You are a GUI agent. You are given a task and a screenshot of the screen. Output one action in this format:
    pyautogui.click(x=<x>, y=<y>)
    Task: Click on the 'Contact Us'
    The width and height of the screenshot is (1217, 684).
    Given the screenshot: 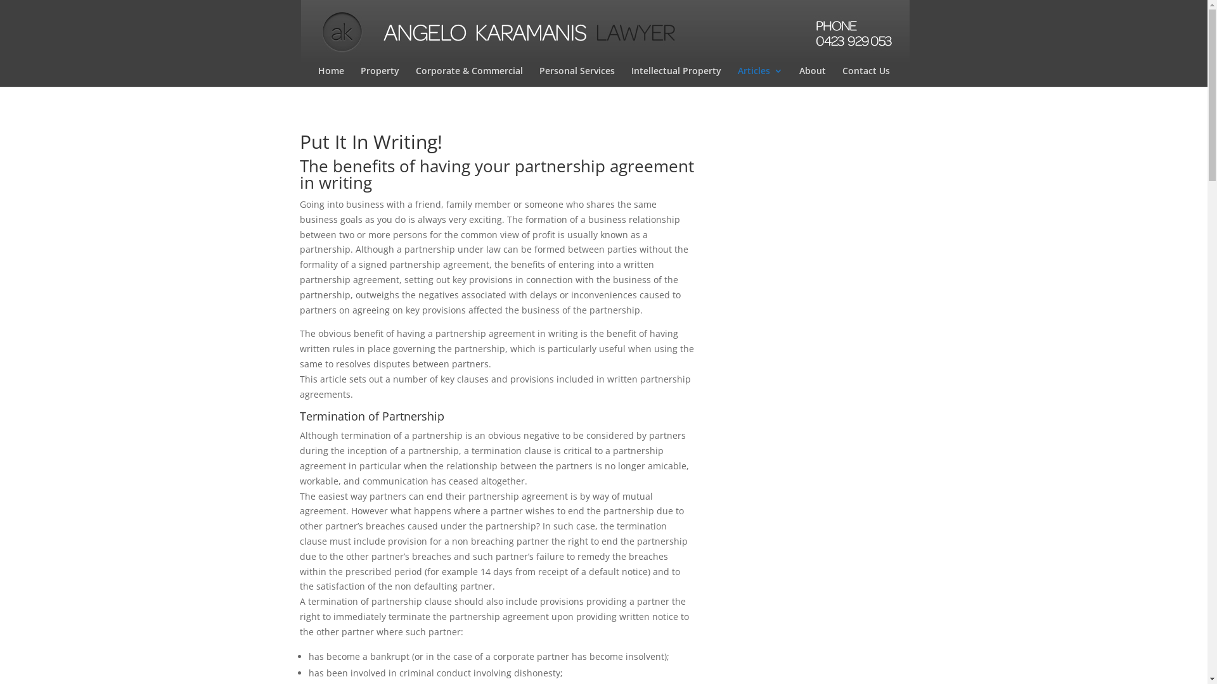 What is the action you would take?
    pyautogui.click(x=865, y=76)
    